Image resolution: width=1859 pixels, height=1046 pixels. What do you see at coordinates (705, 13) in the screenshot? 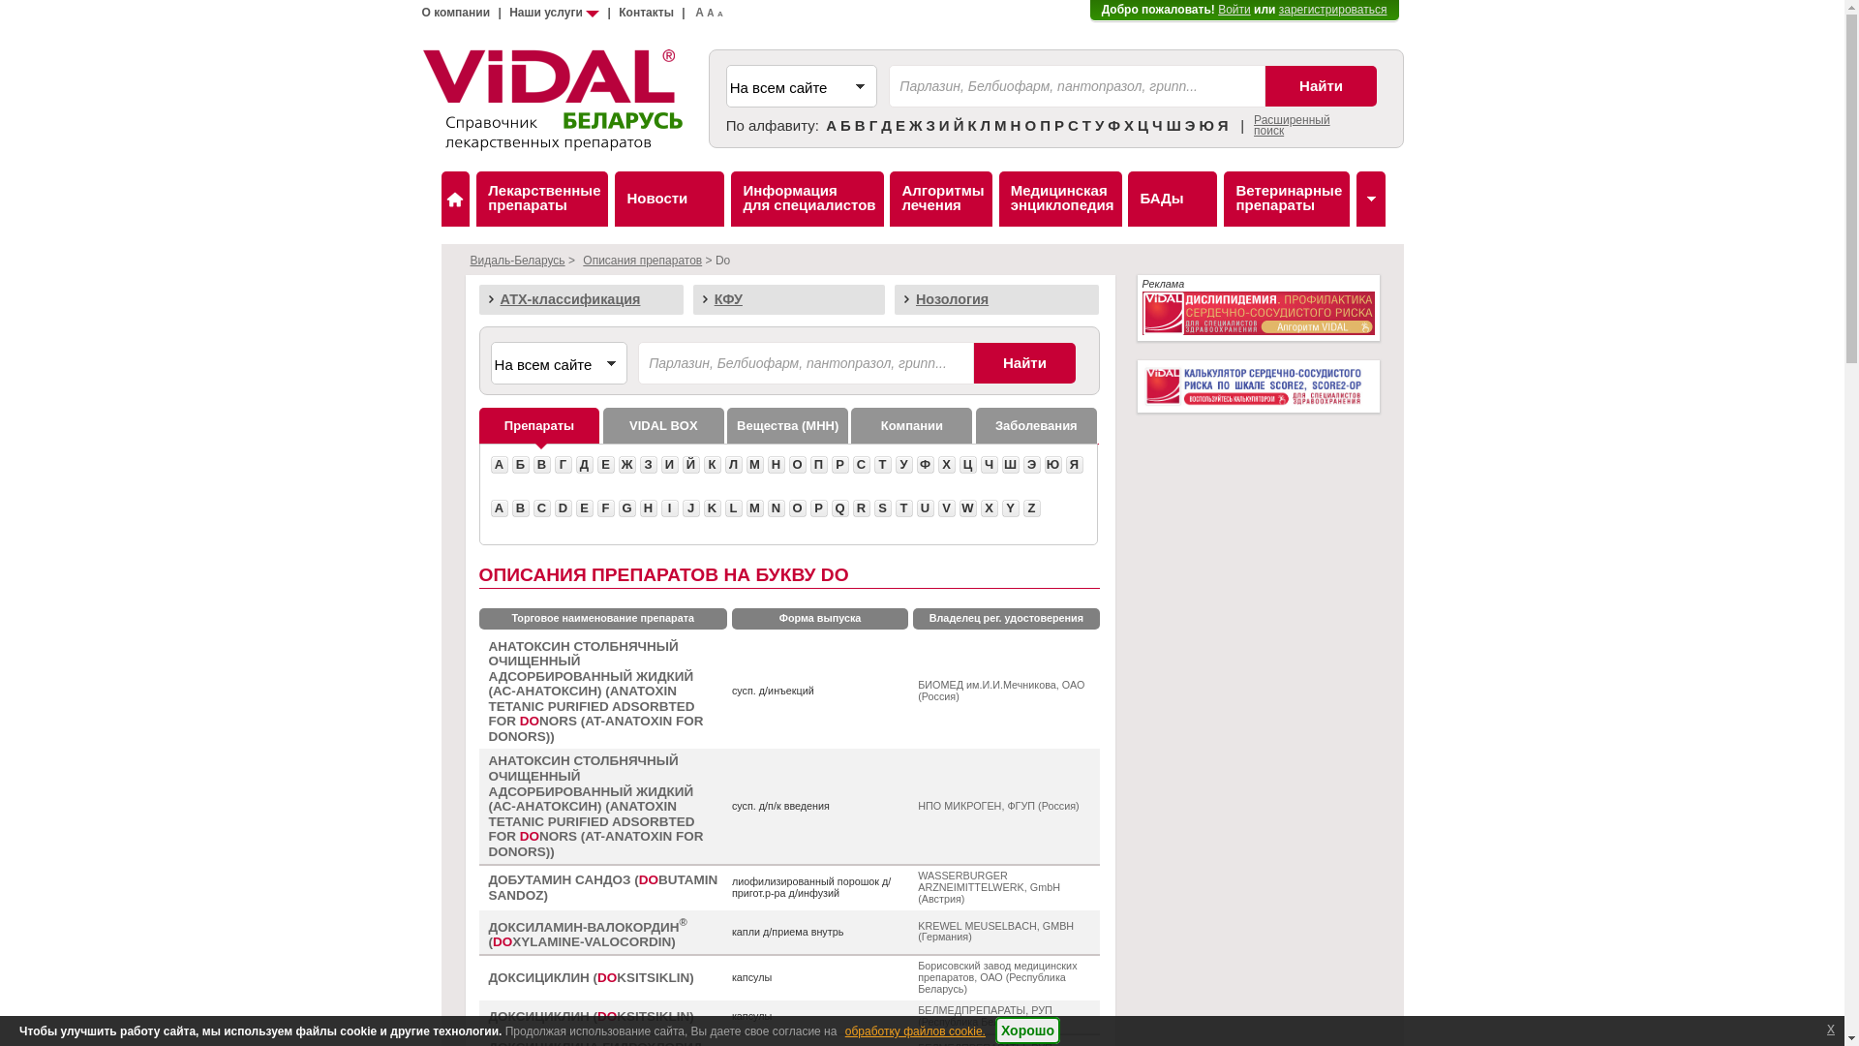
I see `'A'` at bounding box center [705, 13].